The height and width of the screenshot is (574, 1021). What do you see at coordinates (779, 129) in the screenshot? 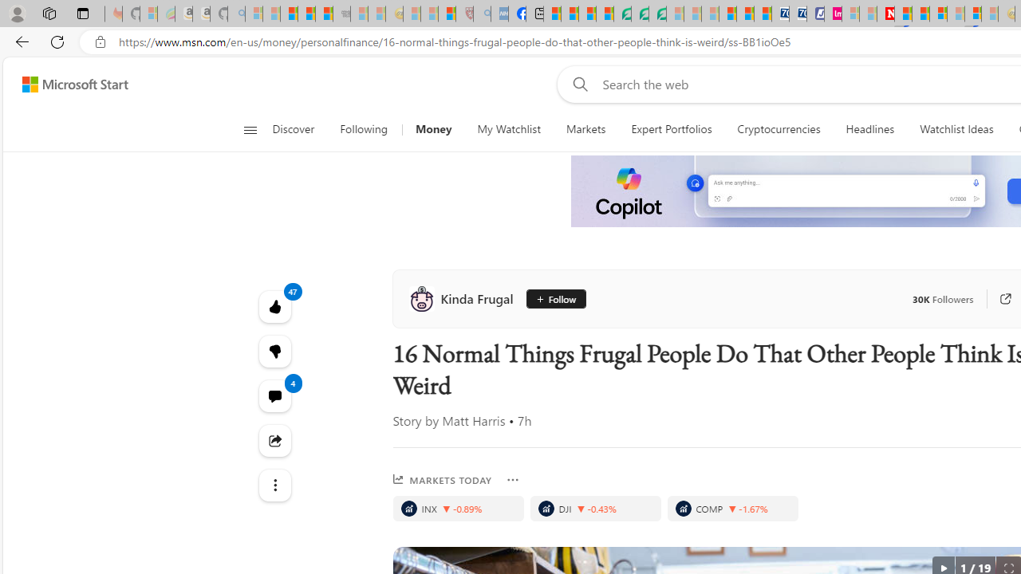
I see `'Cryptocurrencies'` at bounding box center [779, 129].